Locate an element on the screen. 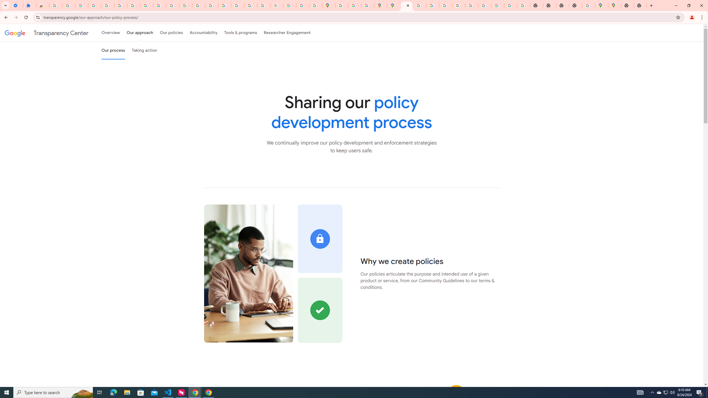 The width and height of the screenshot is (708, 398). 'Our policies' is located at coordinates (171, 33).